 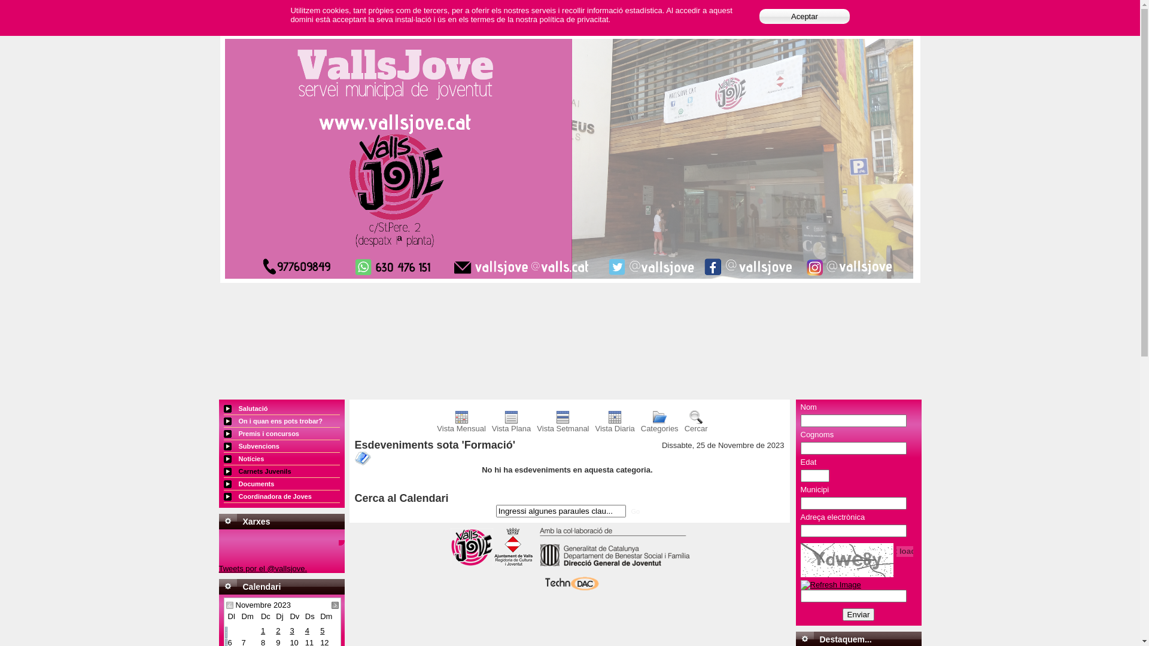 I want to click on 'Desembre 2023', so click(x=335, y=605).